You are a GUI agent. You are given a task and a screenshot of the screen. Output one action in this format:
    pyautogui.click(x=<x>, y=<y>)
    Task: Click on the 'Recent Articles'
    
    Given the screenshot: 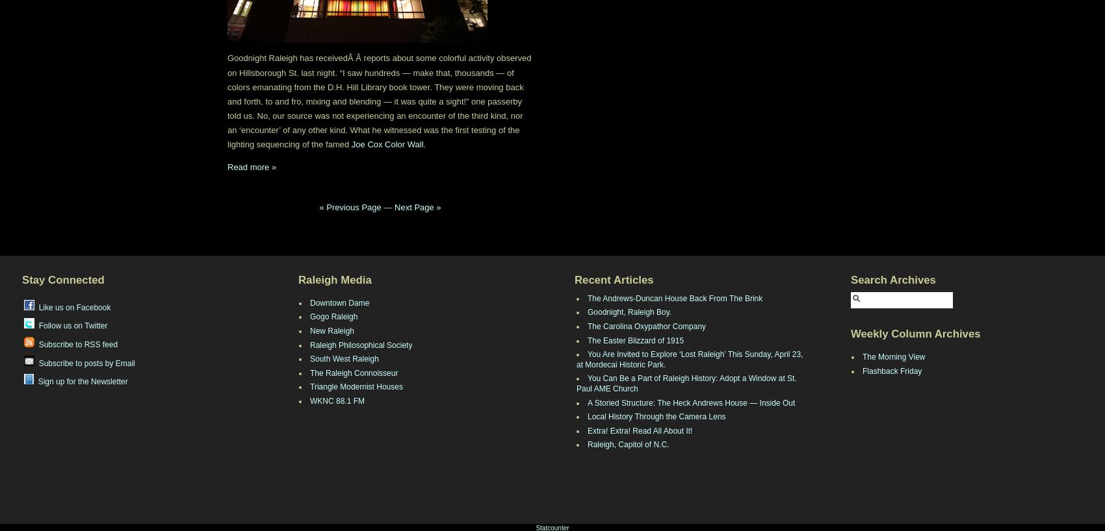 What is the action you would take?
    pyautogui.click(x=614, y=279)
    